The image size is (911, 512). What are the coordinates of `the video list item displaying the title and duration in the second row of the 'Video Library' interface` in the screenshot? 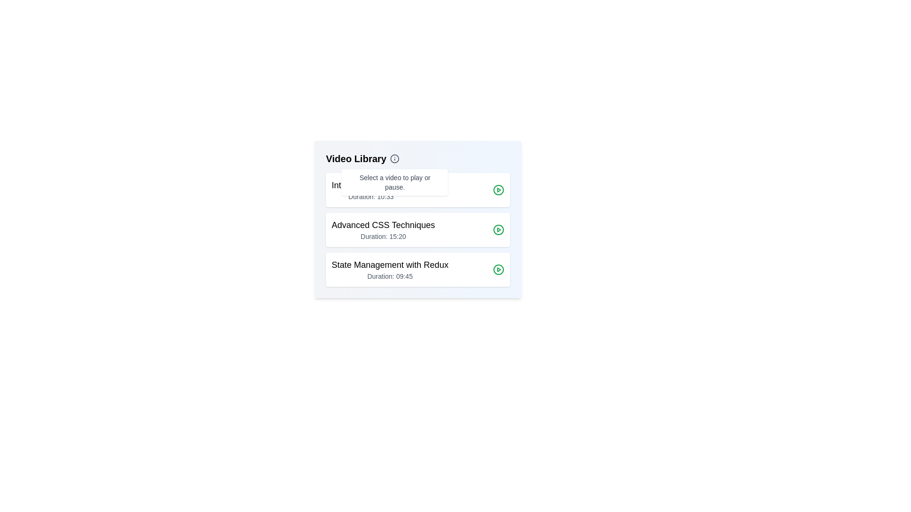 It's located at (383, 230).